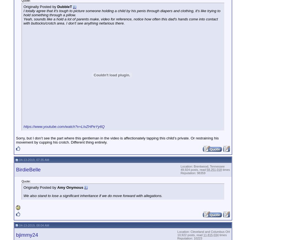 The height and width of the screenshot is (240, 304). Describe the element at coordinates (21, 180) in the screenshot. I see `'Quote:'` at that location.